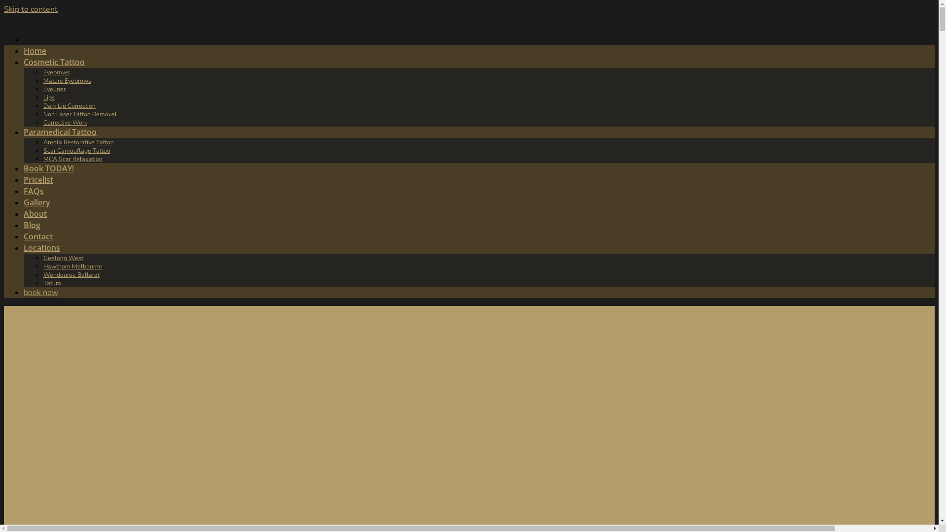 The image size is (946, 532). Describe the element at coordinates (56, 71) in the screenshot. I see `'Eyebrows'` at that location.